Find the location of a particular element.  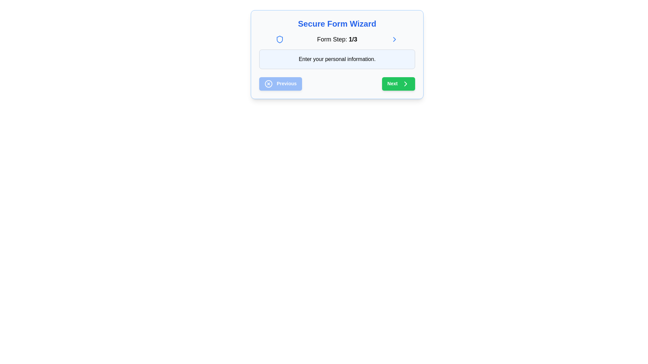

the centrally located Instructional Text Box that prompts the user to input their personal information, positioned below the 'Form Step: 1/3' section and above the 'Previous' and 'Next' navigation buttons is located at coordinates (337, 54).